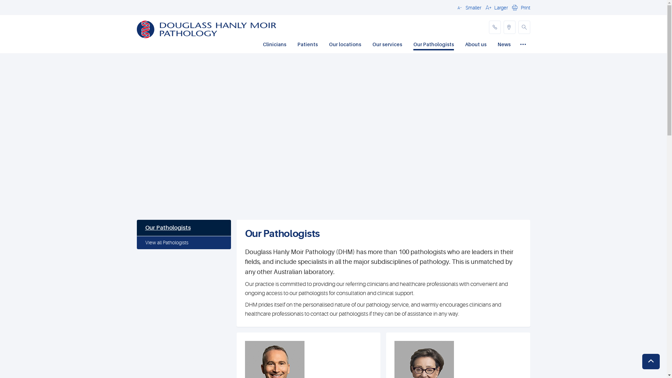  What do you see at coordinates (494, 27) in the screenshot?
I see `'phone'` at bounding box center [494, 27].